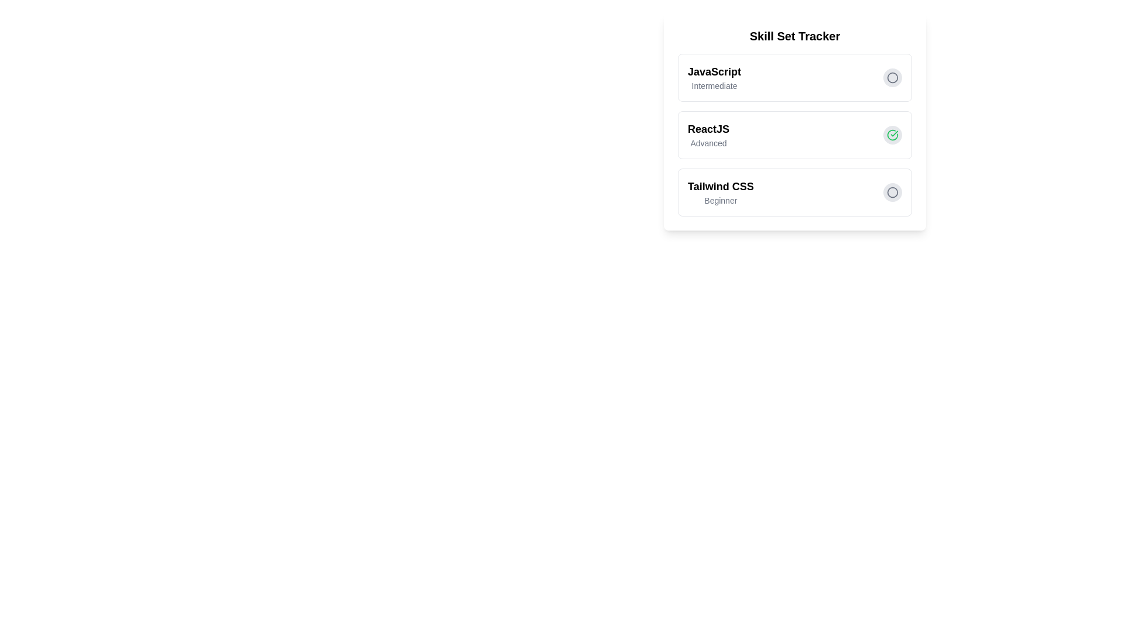 This screenshot has height=632, width=1124. What do you see at coordinates (720, 200) in the screenshot?
I see `the text label reading 'Beginner', which is styled in small gray font and positioned below the 'Tailwind CSS' heading in the Skill Set Tracker interface` at bounding box center [720, 200].